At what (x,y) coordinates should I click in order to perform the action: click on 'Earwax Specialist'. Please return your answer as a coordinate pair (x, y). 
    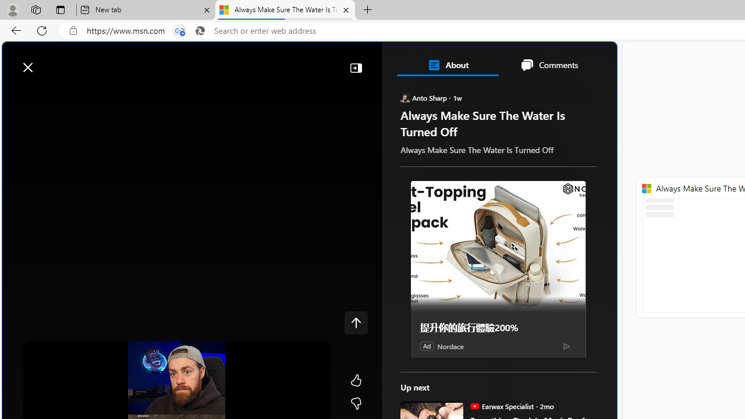
    Looking at the image, I should click on (475, 406).